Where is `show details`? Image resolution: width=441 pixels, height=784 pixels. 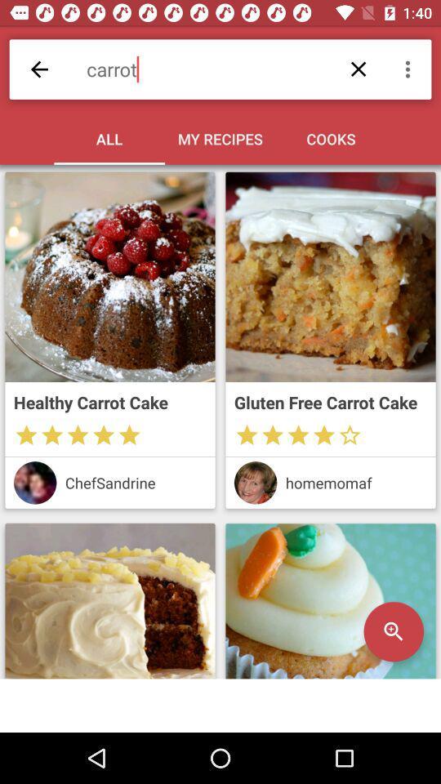 show details is located at coordinates (331, 600).